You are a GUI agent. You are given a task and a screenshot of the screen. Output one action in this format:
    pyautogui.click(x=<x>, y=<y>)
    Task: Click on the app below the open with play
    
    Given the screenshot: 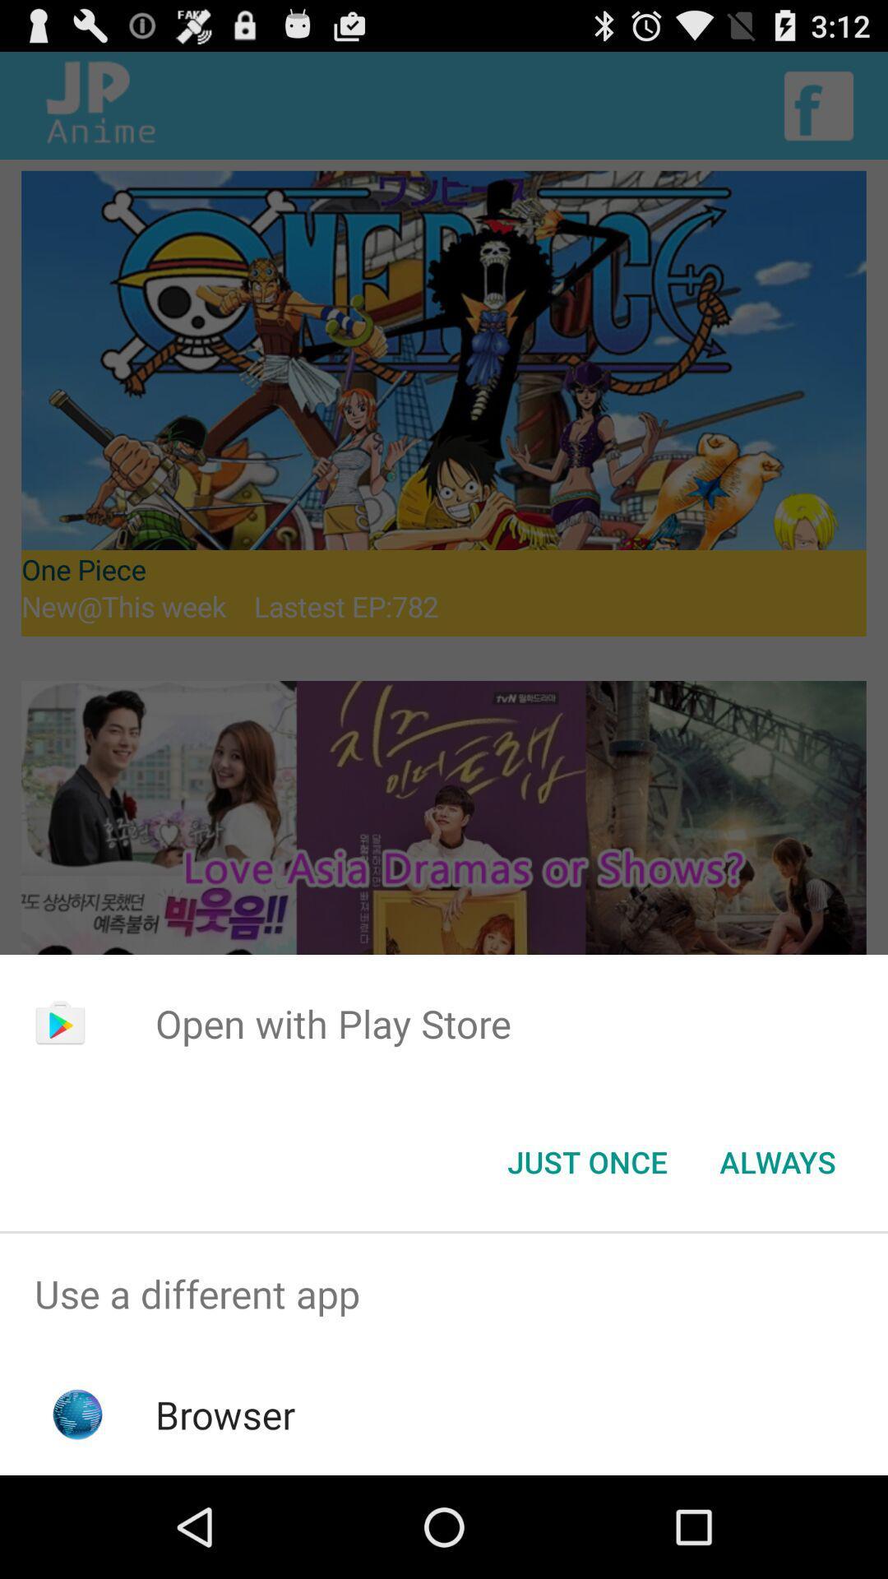 What is the action you would take?
    pyautogui.click(x=777, y=1160)
    